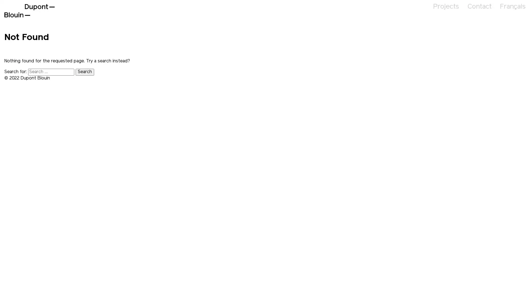 The width and height of the screenshot is (530, 298). I want to click on Search, so click(84, 72).